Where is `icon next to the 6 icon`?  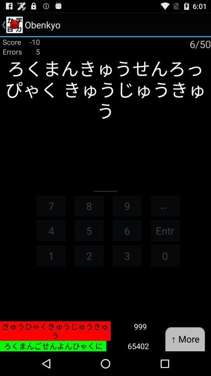
icon next to the 6 icon is located at coordinates (165, 255).